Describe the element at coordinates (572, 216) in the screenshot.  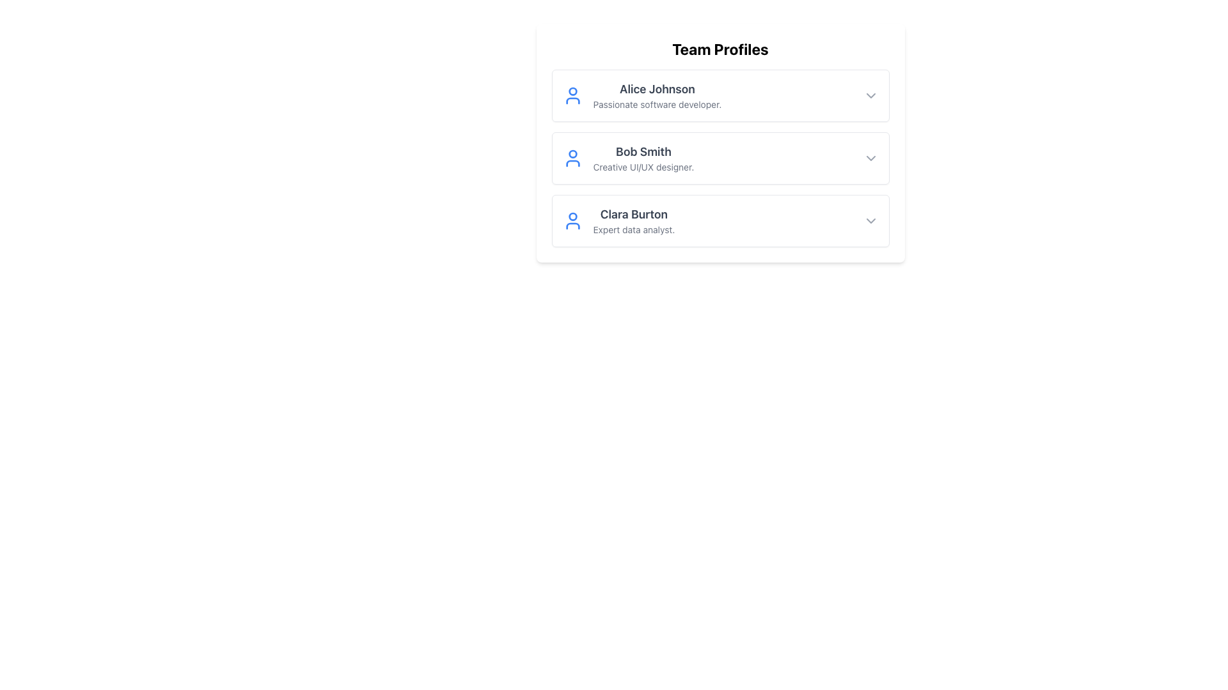
I see `the small circular shape inside the user icon next to 'Clara Burton' in the 'Team Profiles' section` at that location.